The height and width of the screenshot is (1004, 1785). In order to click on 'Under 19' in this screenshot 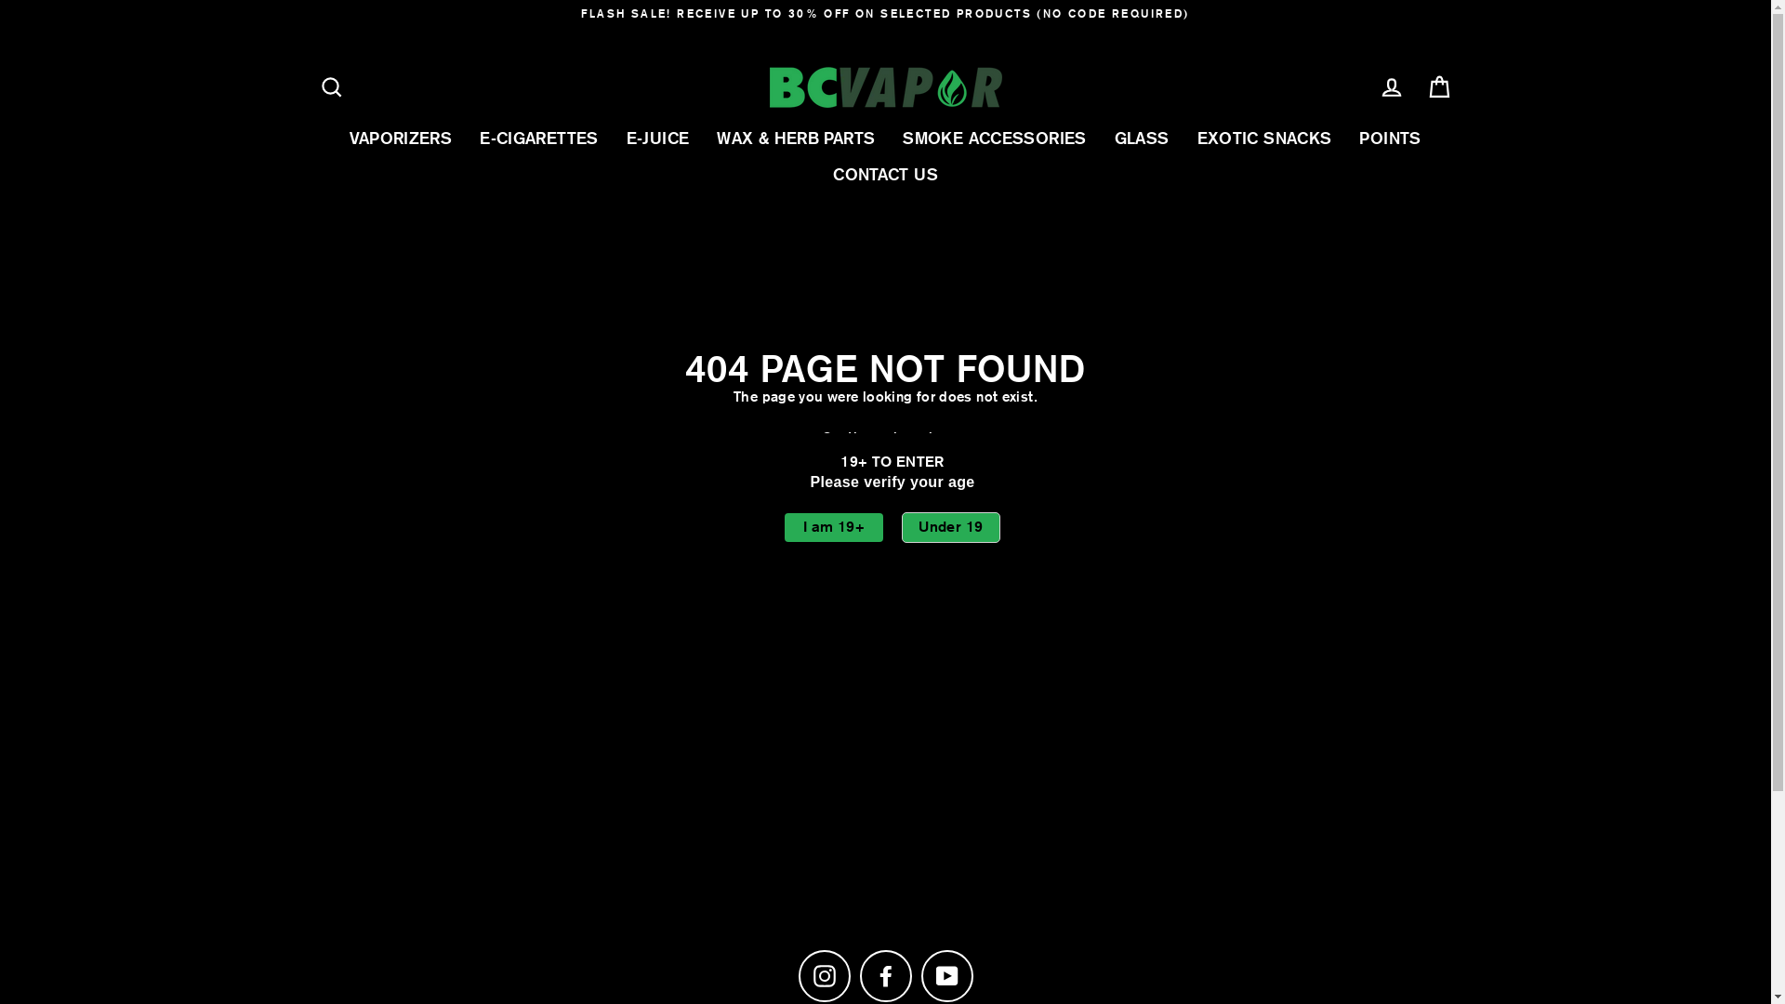, I will do `click(901, 527)`.